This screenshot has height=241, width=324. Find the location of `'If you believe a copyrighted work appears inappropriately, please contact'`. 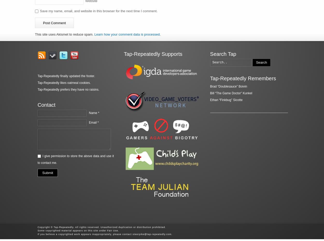

'If you believe a copyrighted work appears inappropriately, please contact' is located at coordinates (85, 234).